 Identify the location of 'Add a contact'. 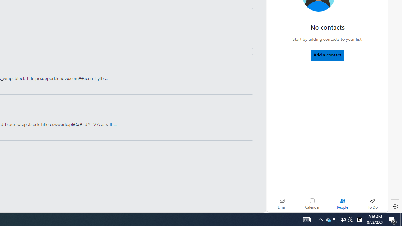
(327, 55).